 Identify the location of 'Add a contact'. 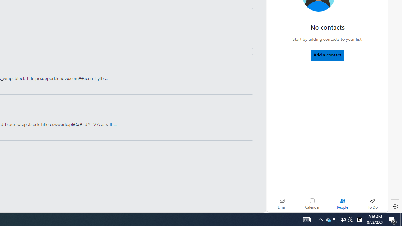
(327, 55).